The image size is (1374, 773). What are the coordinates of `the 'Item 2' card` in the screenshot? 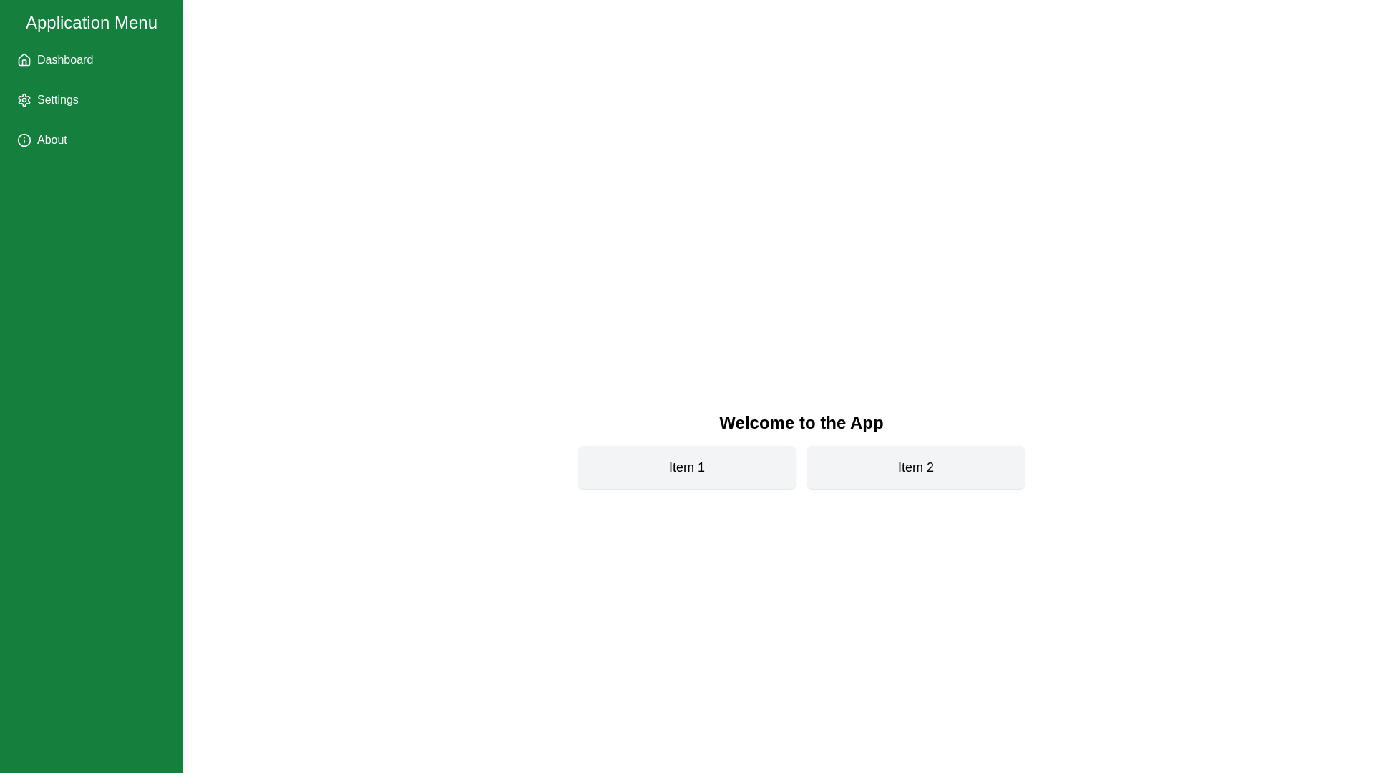 It's located at (916, 467).